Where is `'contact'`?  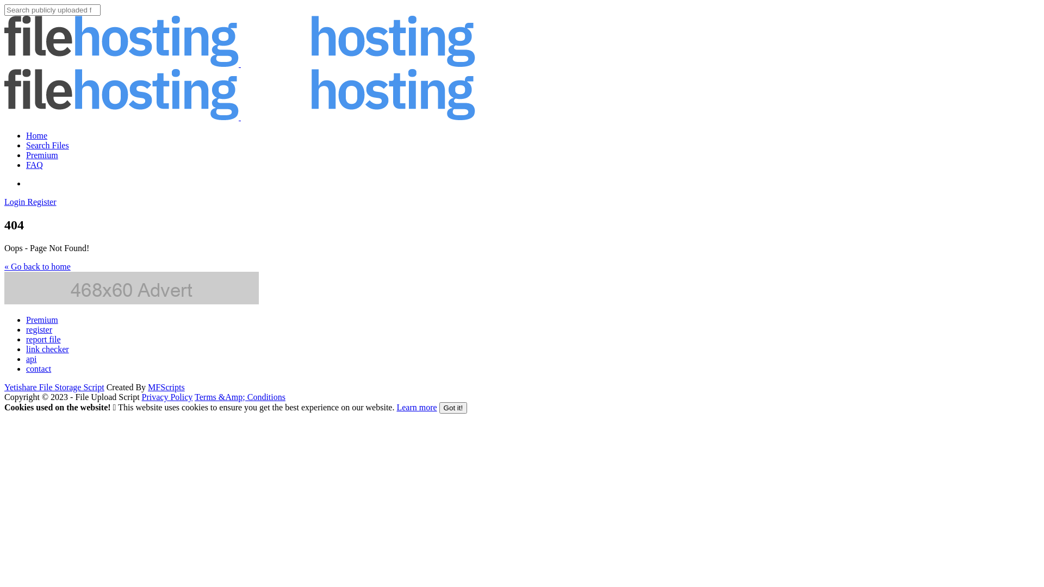 'contact' is located at coordinates (39, 368).